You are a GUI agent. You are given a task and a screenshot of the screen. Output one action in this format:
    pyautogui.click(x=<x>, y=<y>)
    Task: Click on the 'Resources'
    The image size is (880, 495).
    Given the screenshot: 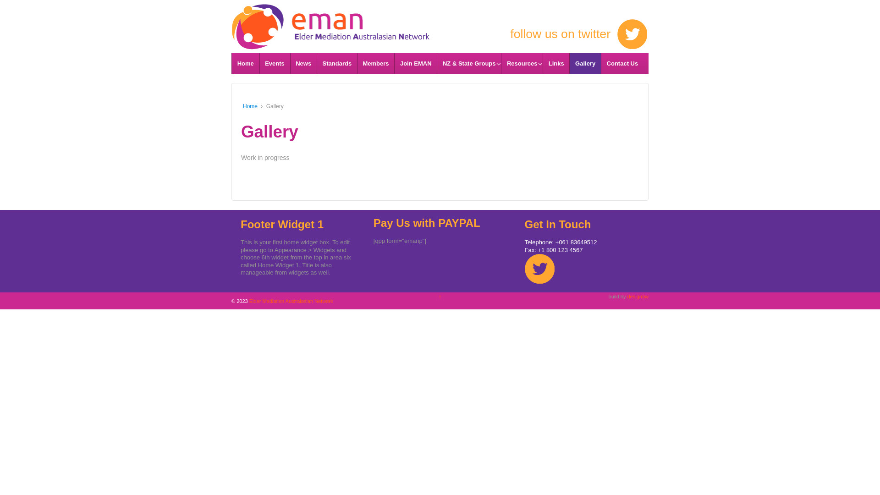 What is the action you would take?
    pyautogui.click(x=522, y=63)
    